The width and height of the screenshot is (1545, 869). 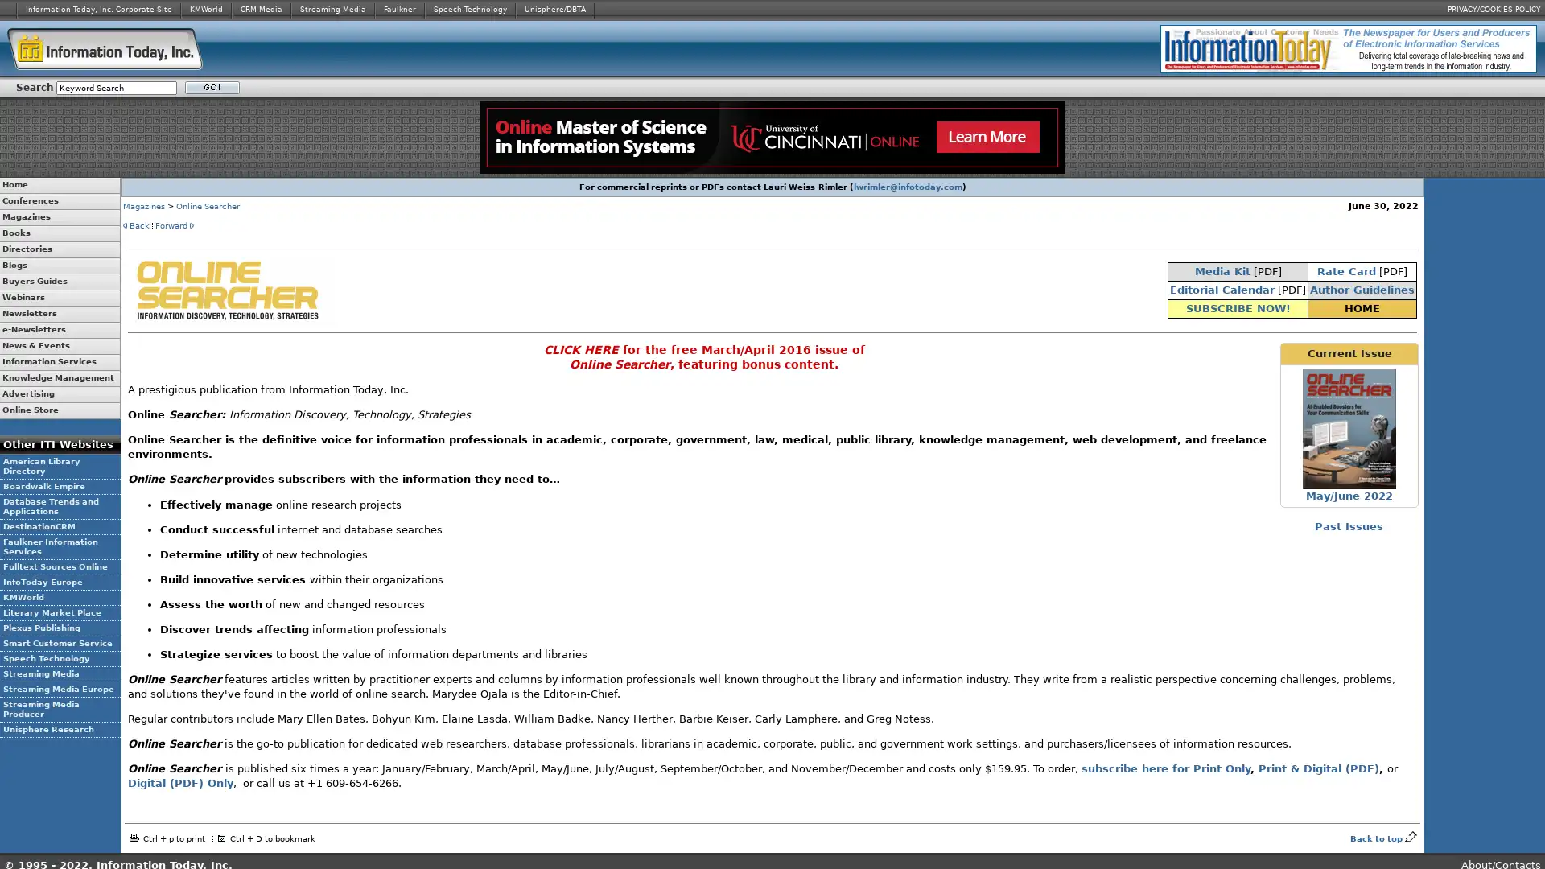 What do you see at coordinates (212, 87) in the screenshot?
I see `Submit` at bounding box center [212, 87].